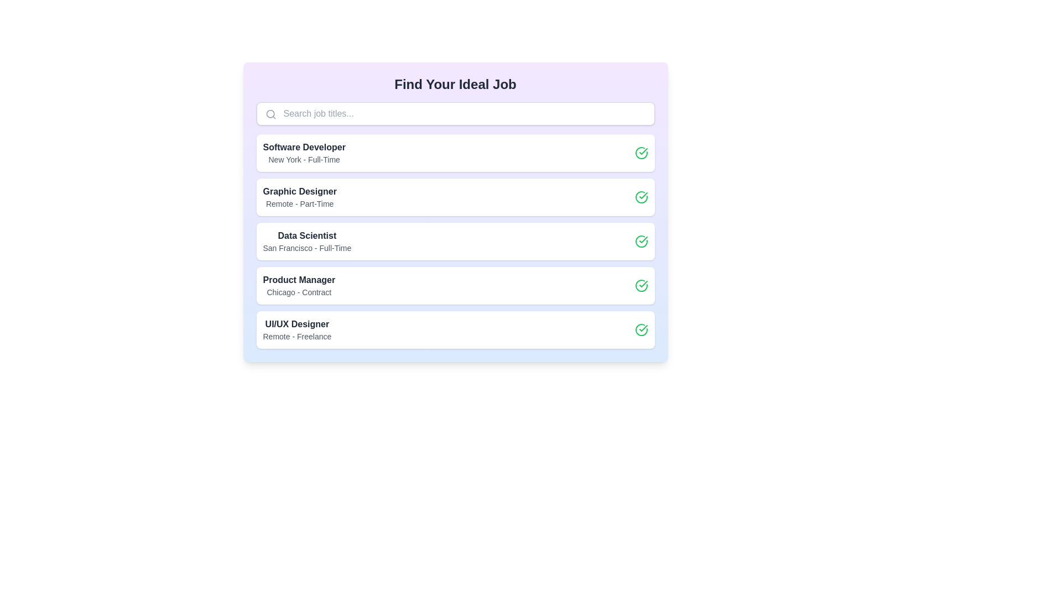 The width and height of the screenshot is (1062, 597). Describe the element at coordinates (641, 240) in the screenshot. I see `the green circular Indicator icon with a checkmark, located to the far right of the job listing for 'Data Scientist' in the third row` at that location.